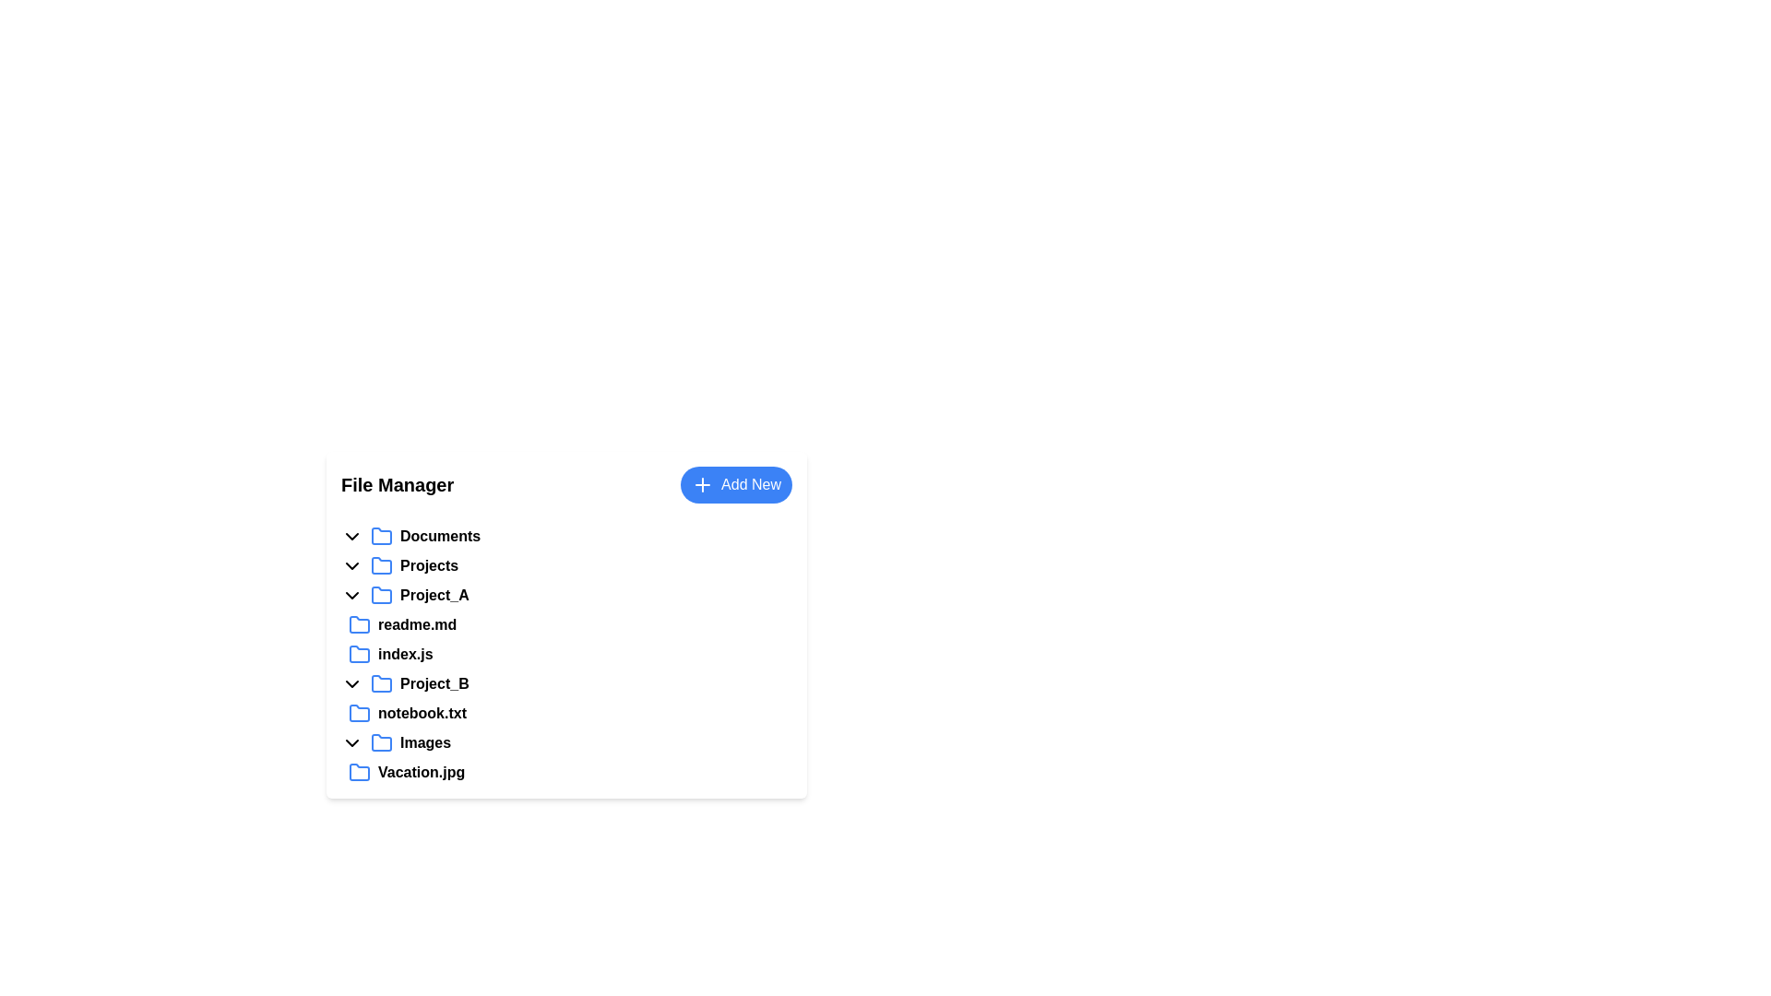 The image size is (1771, 996). I want to click on the folder-style icon representing the 'Project_A' directory, so click(380, 594).